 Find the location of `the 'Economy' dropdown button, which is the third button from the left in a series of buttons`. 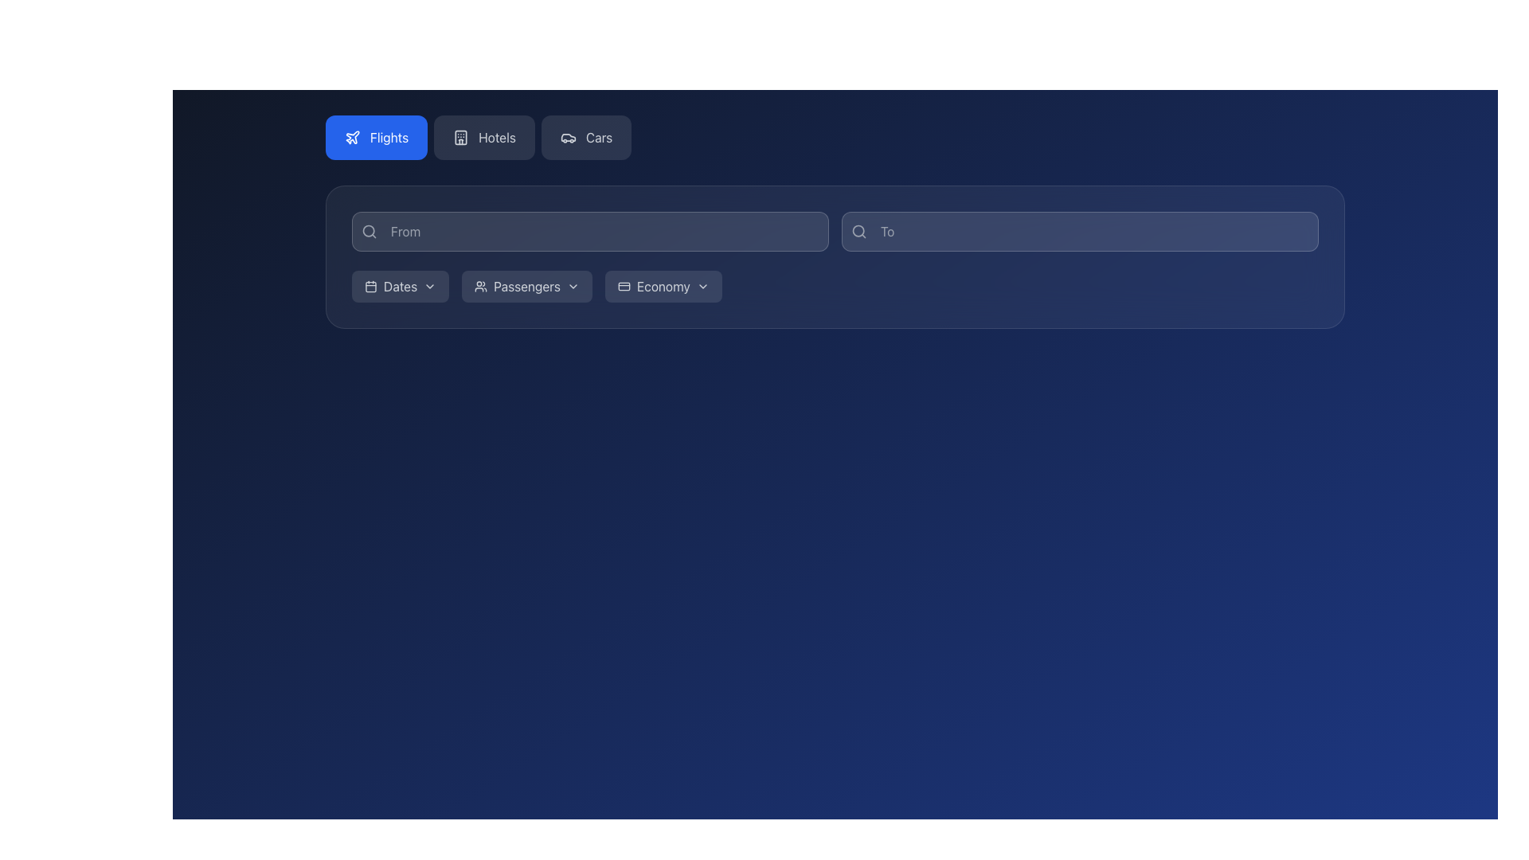

the 'Economy' dropdown button, which is the third button from the left in a series of buttons is located at coordinates (663, 285).